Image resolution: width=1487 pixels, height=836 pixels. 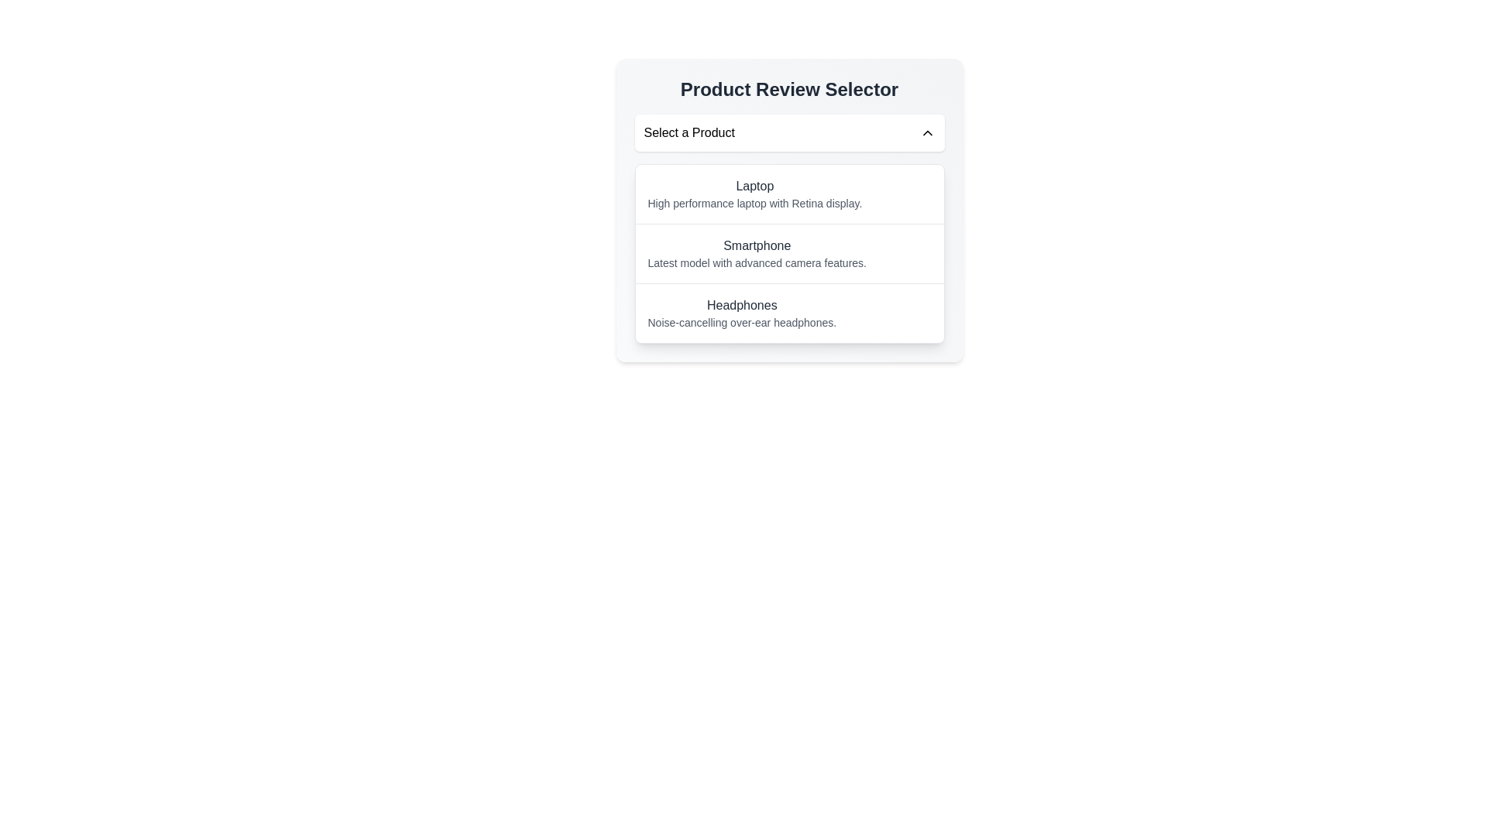 What do you see at coordinates (741, 313) in the screenshot?
I see `the 'Headphones' product category text element in the dropdown menu, which is the third item under 'Product Review Selector'` at bounding box center [741, 313].